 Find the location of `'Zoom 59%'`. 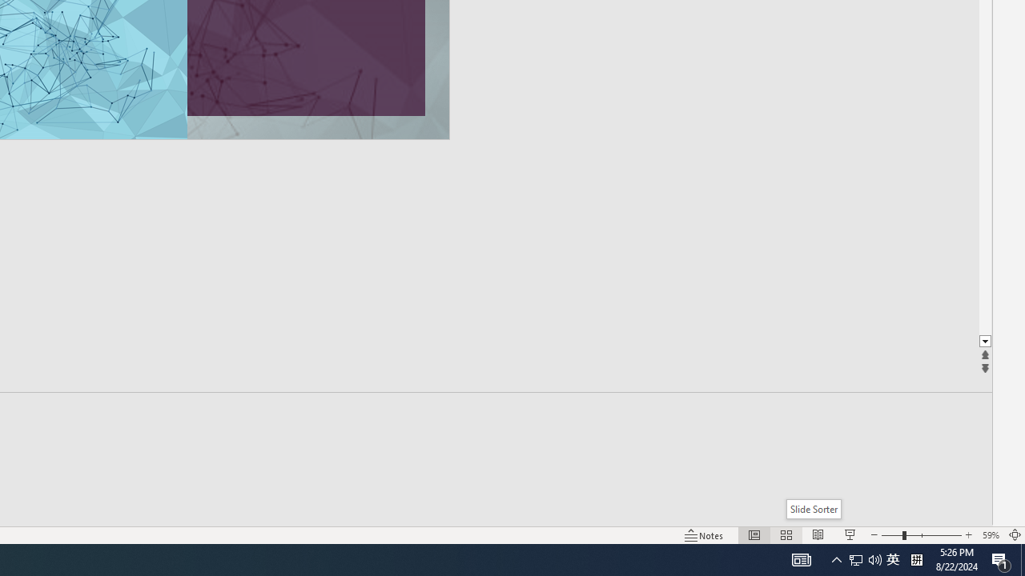

'Zoom 59%' is located at coordinates (990, 535).